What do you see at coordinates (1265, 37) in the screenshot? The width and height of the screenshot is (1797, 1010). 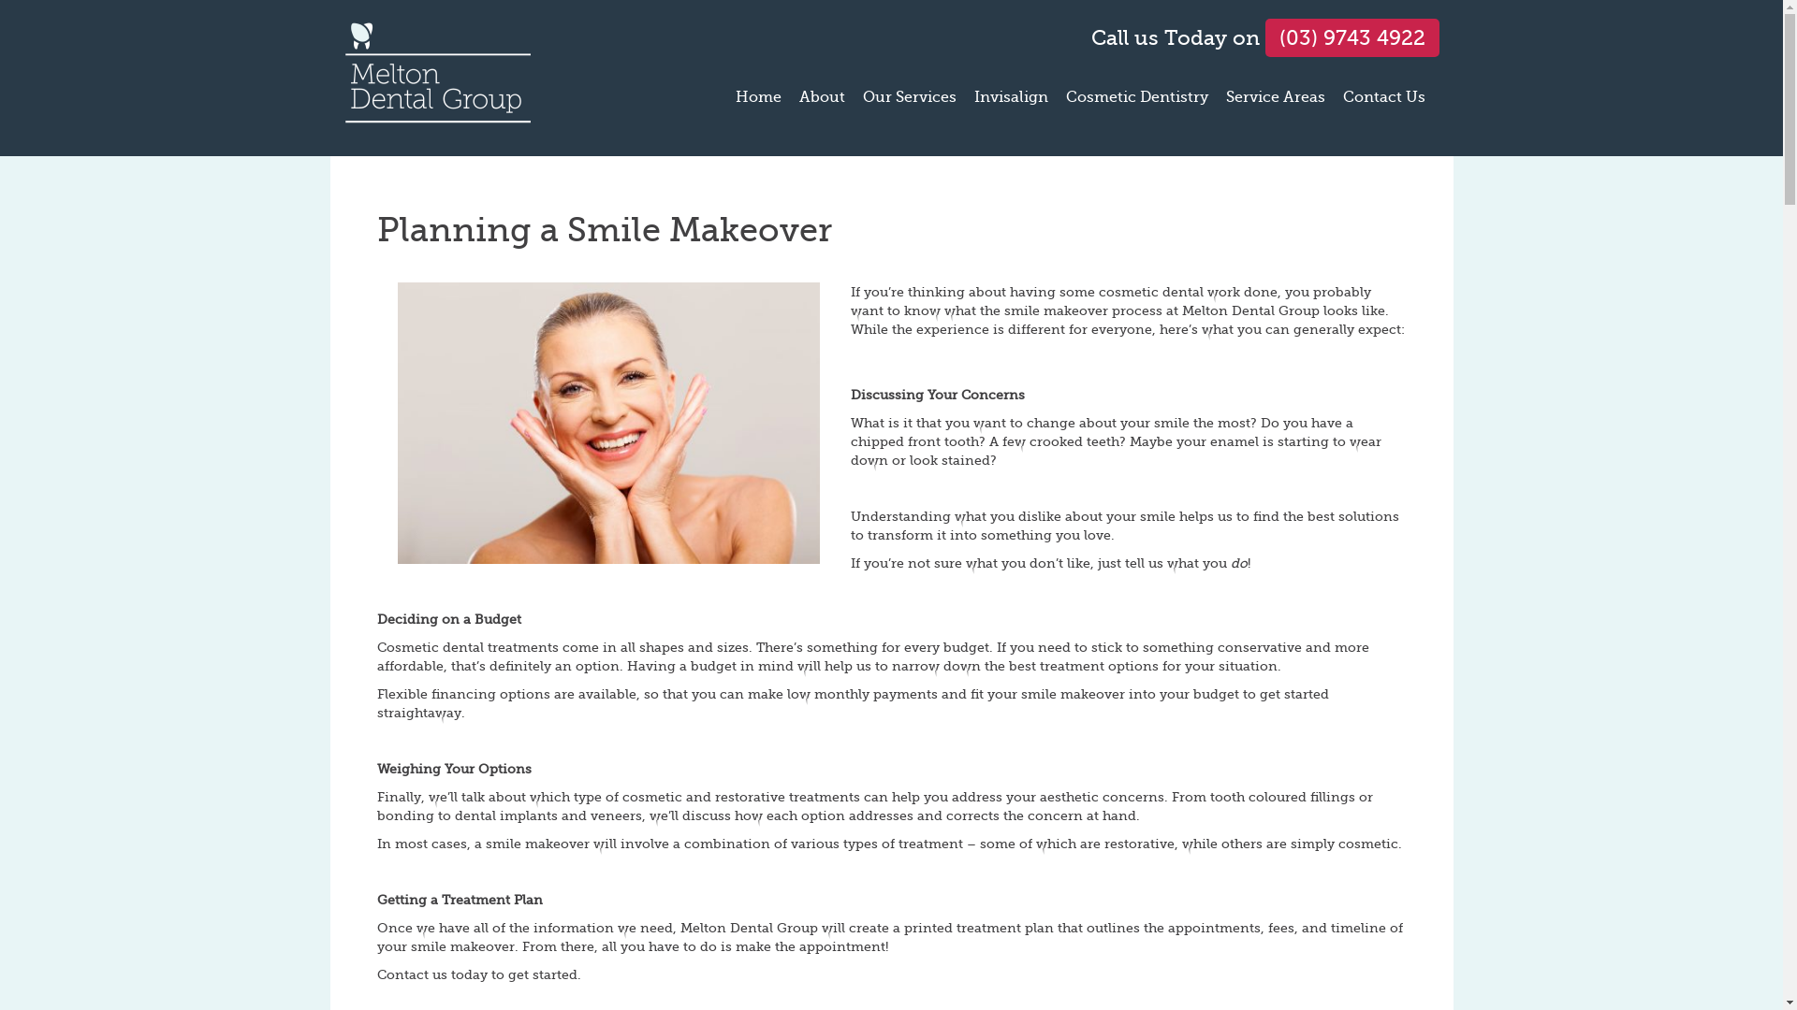 I see `'(03) 9743 4922'` at bounding box center [1265, 37].